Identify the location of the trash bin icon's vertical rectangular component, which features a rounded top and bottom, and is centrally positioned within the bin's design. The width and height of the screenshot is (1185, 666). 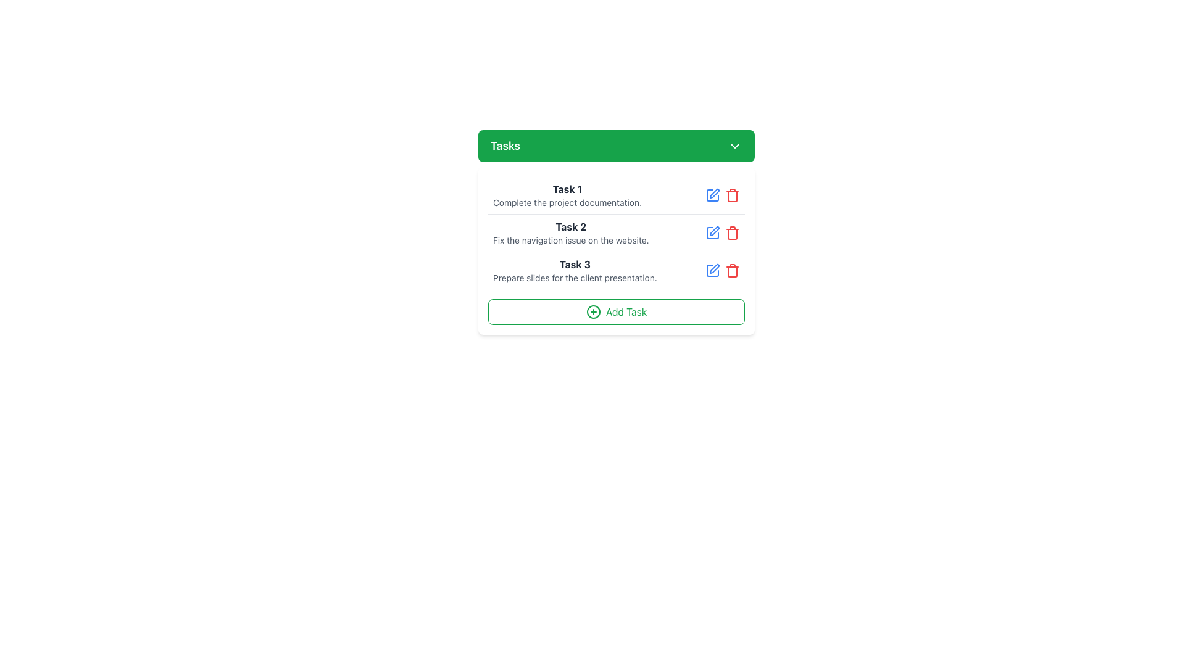
(732, 234).